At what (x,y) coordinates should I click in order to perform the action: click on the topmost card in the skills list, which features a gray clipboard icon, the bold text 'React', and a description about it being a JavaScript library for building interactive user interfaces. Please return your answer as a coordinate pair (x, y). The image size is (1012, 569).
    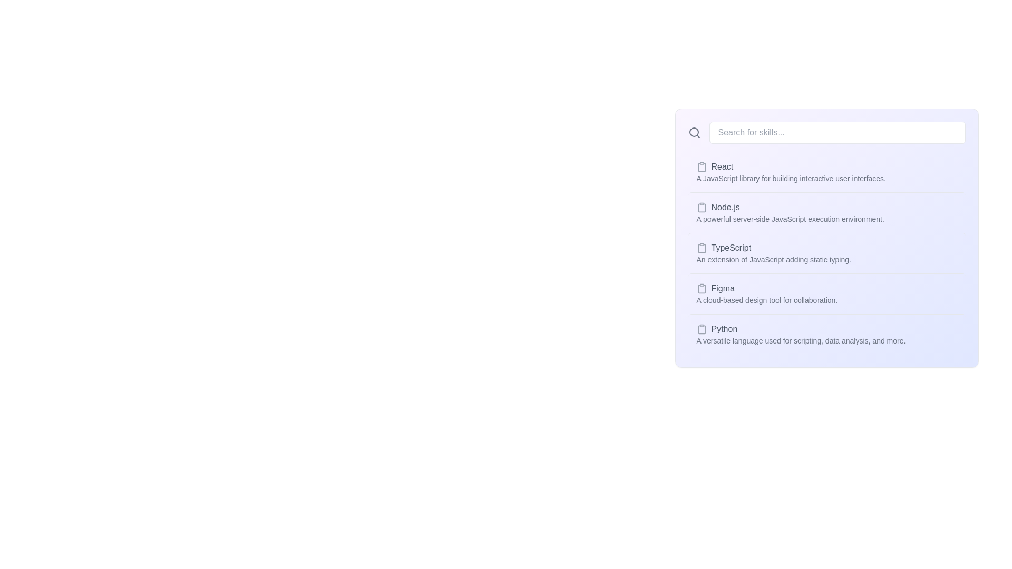
    Looking at the image, I should click on (826, 172).